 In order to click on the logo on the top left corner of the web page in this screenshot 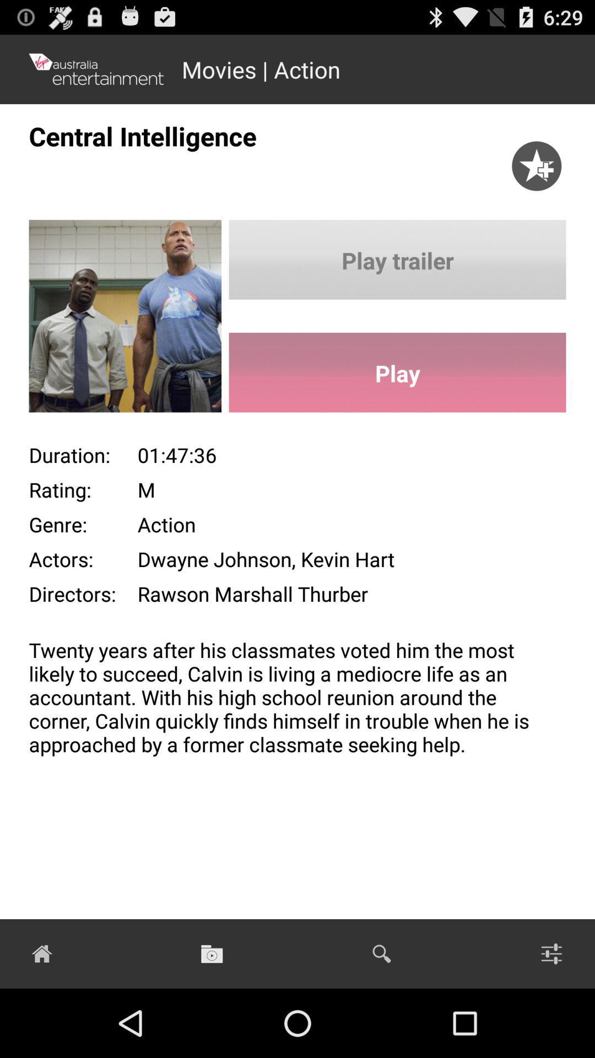, I will do `click(96, 68)`.